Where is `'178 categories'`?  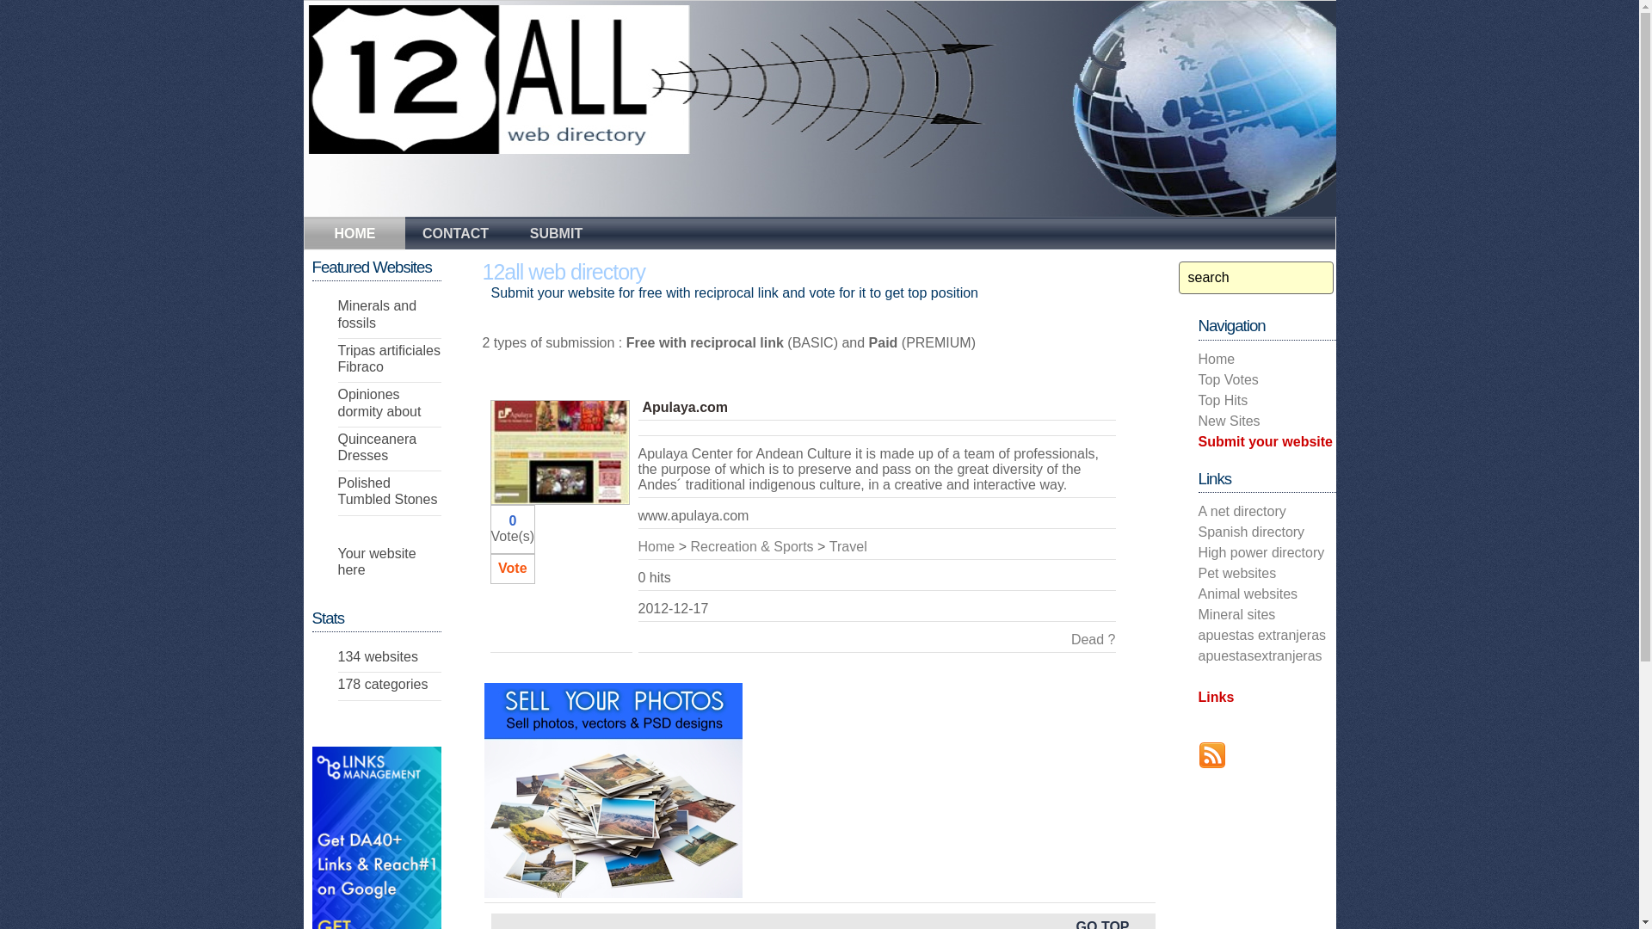 '178 categories' is located at coordinates (381, 683).